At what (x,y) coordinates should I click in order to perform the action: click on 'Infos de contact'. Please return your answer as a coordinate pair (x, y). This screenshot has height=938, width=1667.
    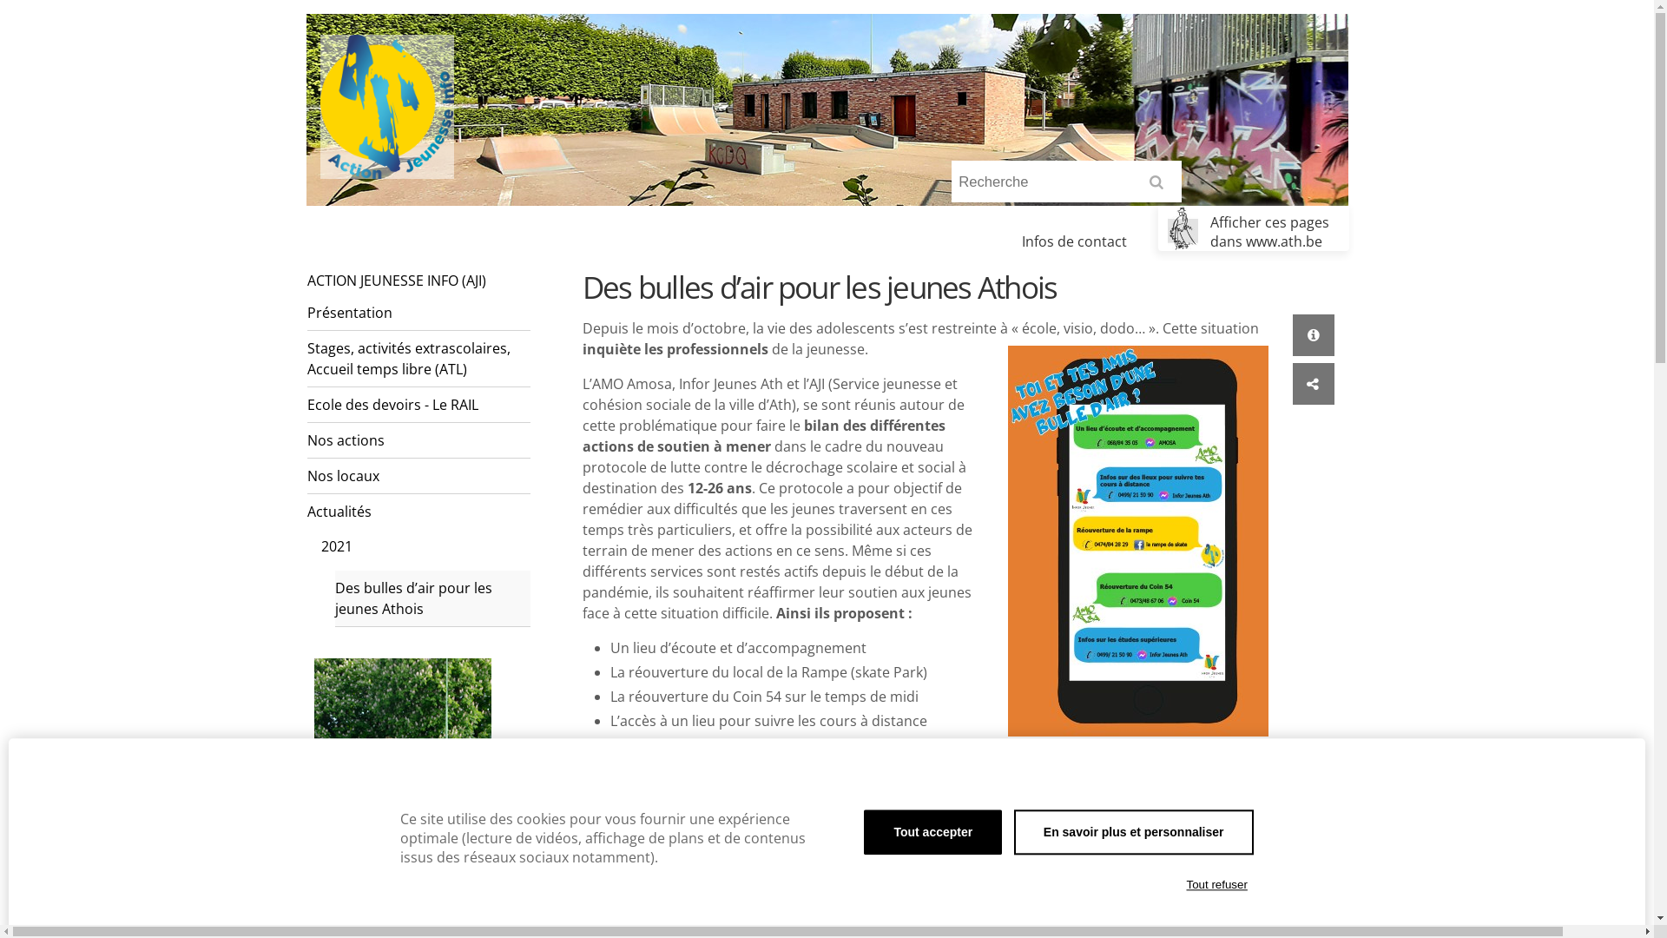
    Looking at the image, I should click on (1073, 241).